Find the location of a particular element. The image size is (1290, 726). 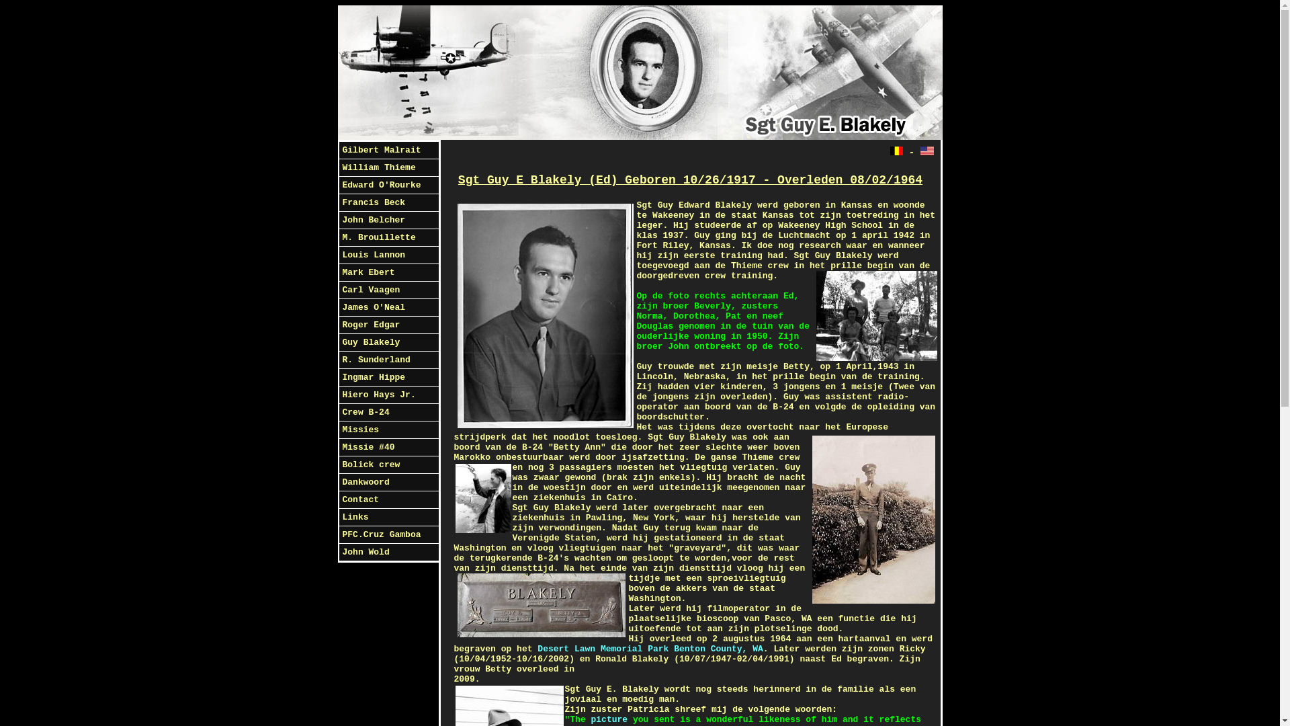

'Missie #40' is located at coordinates (387, 448).